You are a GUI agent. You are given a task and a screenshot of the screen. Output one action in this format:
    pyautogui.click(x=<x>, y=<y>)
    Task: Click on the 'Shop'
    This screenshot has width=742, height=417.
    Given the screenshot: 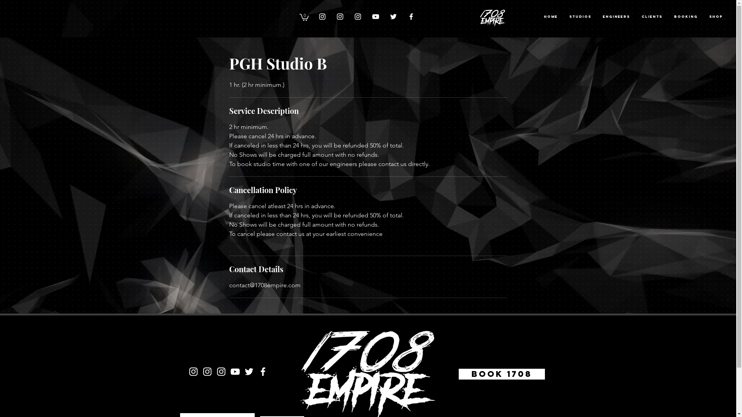 What is the action you would take?
    pyautogui.click(x=715, y=16)
    